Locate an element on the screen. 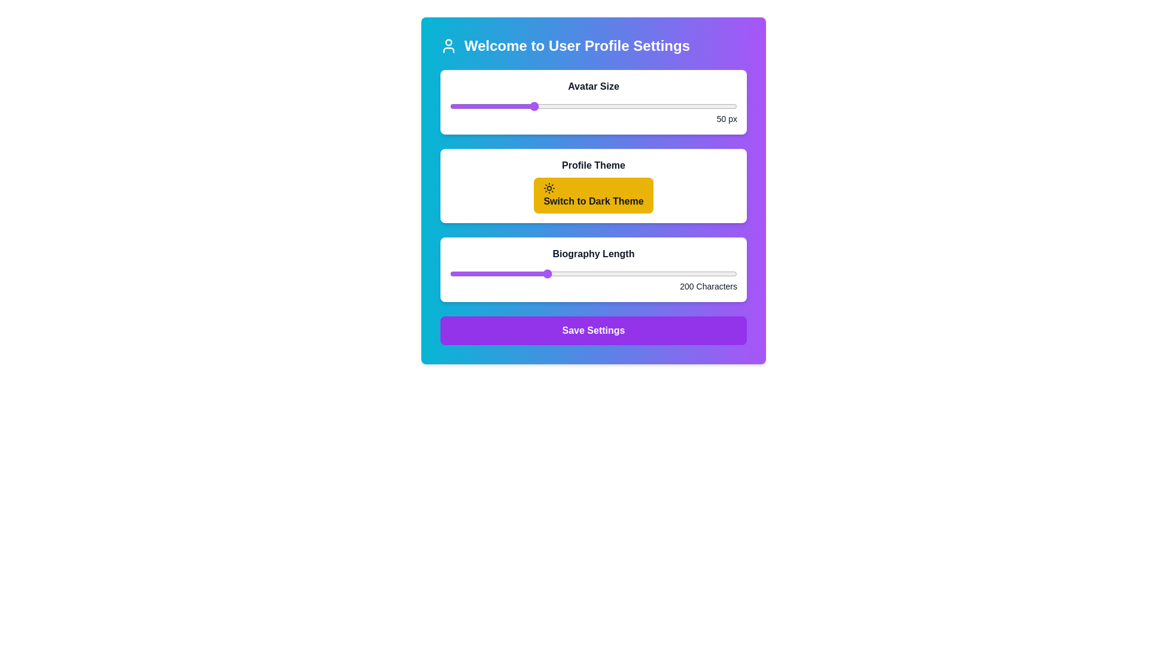 This screenshot has width=1149, height=646. the biography length slider is located at coordinates (683, 274).